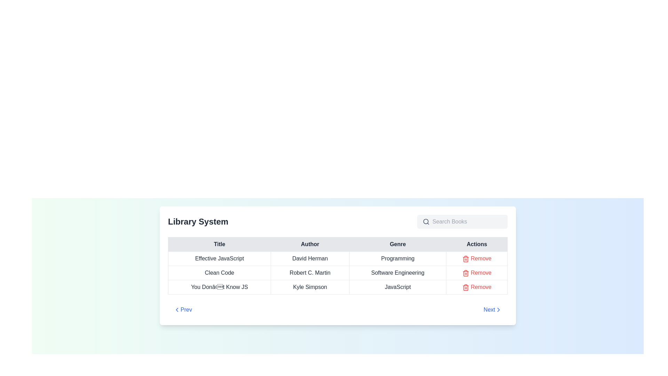 The image size is (668, 376). What do you see at coordinates (398, 259) in the screenshot?
I see `the text label representing the genre of the book 'Effective JavaScript' as 'Programming', located in the 'Genre' column of the first row of the table` at bounding box center [398, 259].